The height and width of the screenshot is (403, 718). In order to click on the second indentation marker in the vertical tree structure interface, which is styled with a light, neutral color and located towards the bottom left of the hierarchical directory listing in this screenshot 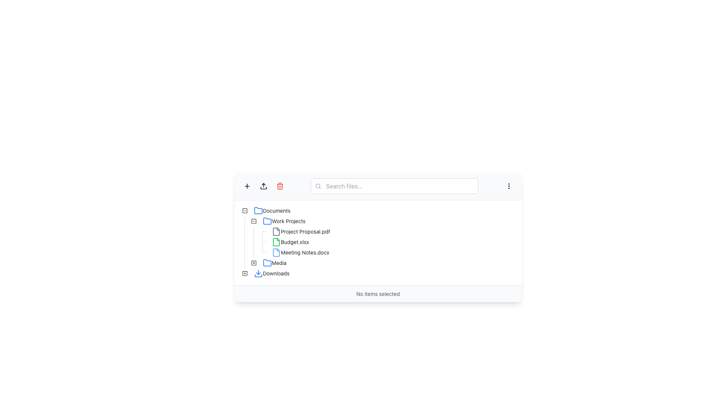, I will do `click(254, 252)`.